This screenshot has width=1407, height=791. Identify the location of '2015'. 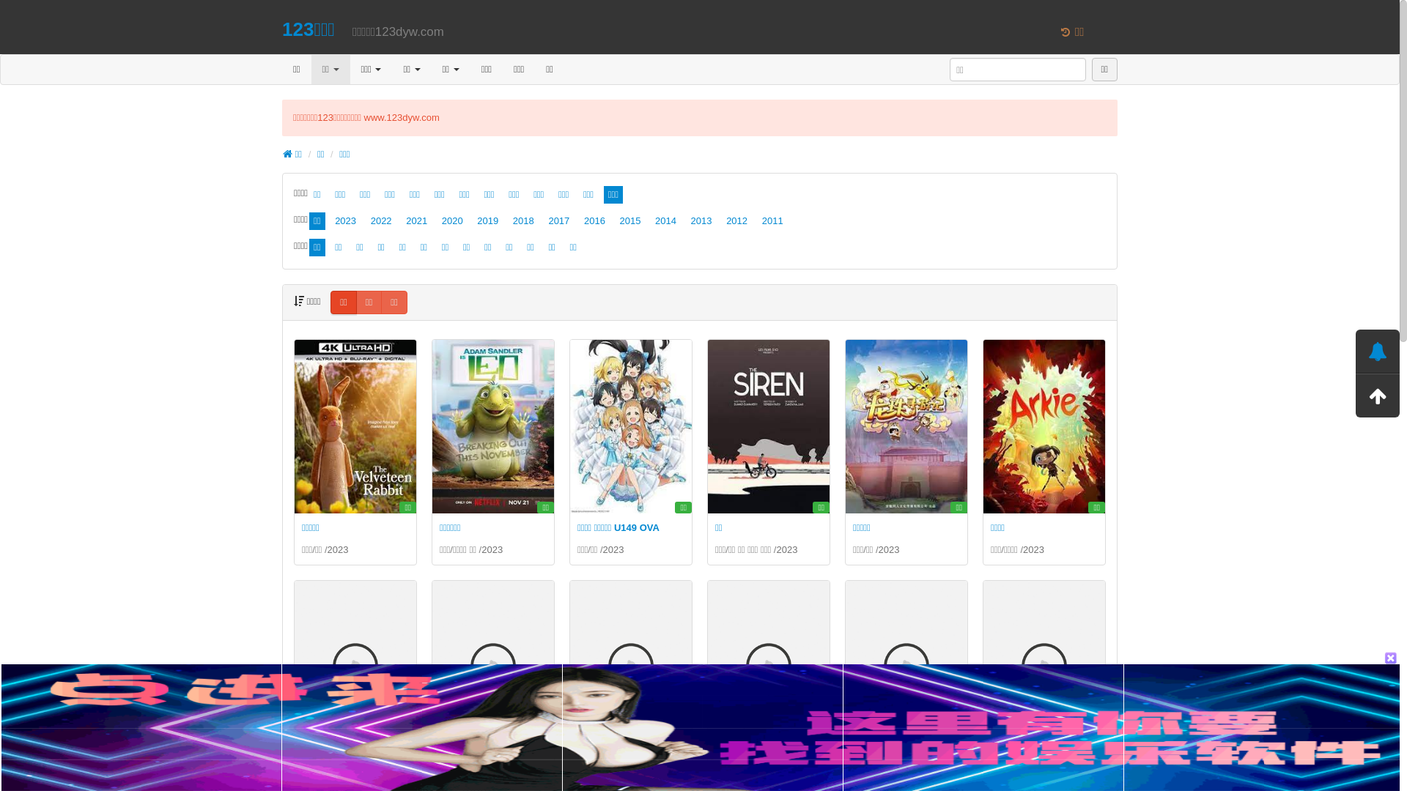
(619, 220).